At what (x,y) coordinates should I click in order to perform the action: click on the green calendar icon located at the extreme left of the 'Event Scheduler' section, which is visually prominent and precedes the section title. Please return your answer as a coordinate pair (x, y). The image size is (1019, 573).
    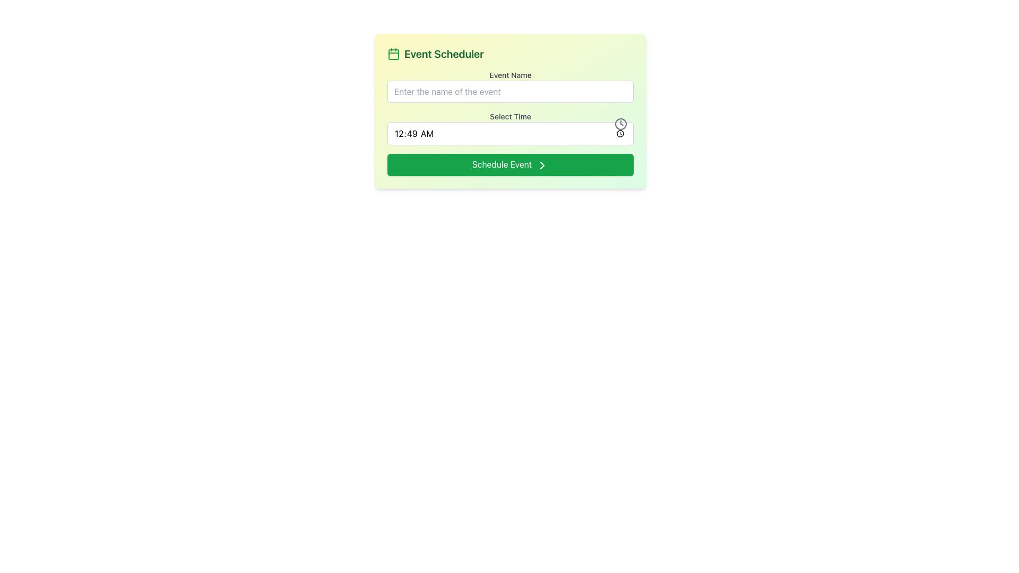
    Looking at the image, I should click on (393, 54).